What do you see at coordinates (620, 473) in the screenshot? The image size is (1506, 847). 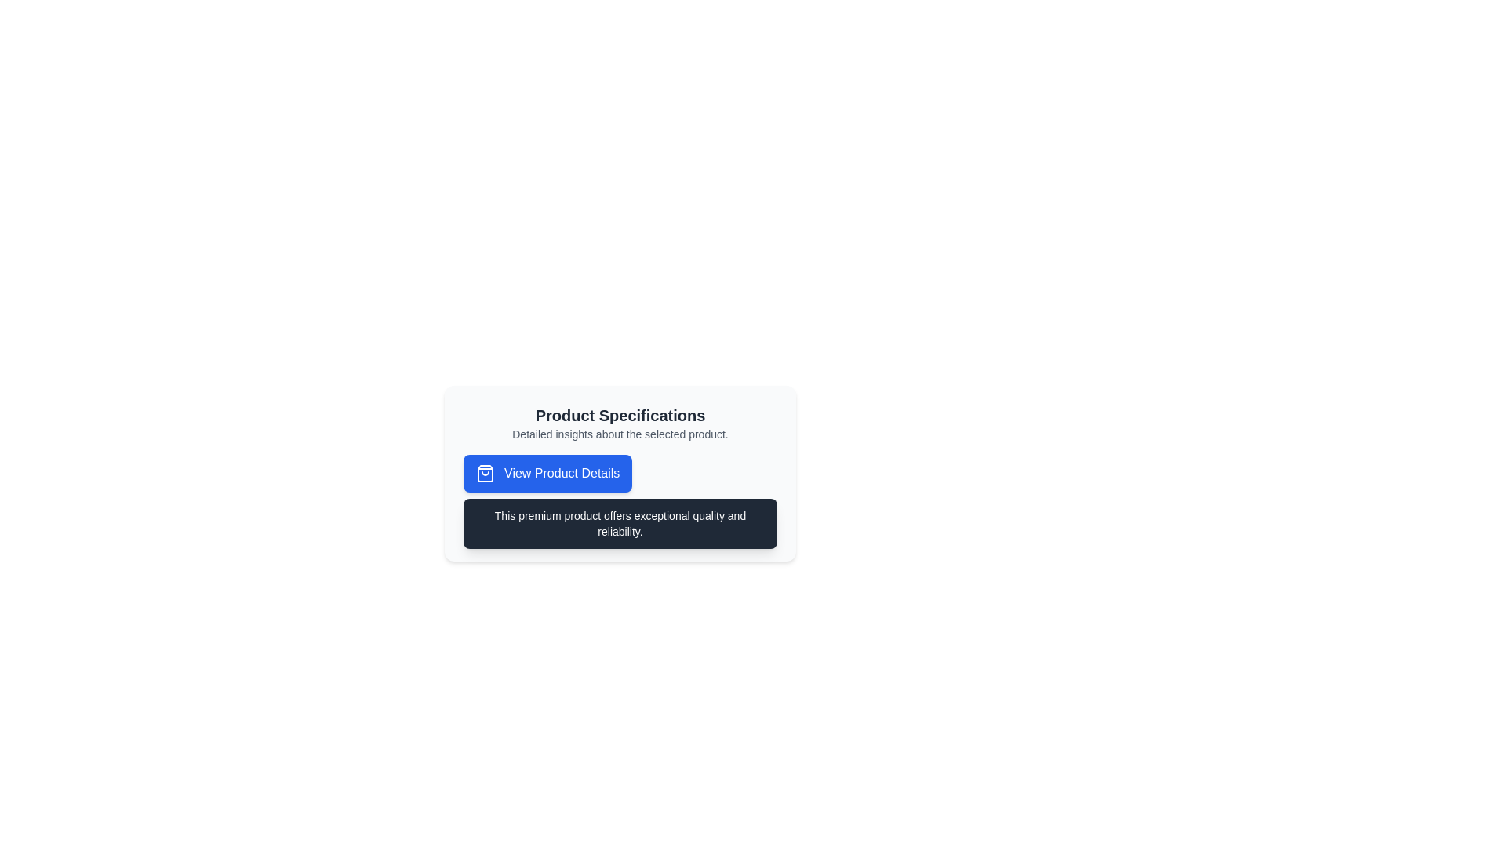 I see `the 'View Product Details' button located within the Informative content block that displays 'Product Specifications'` at bounding box center [620, 473].